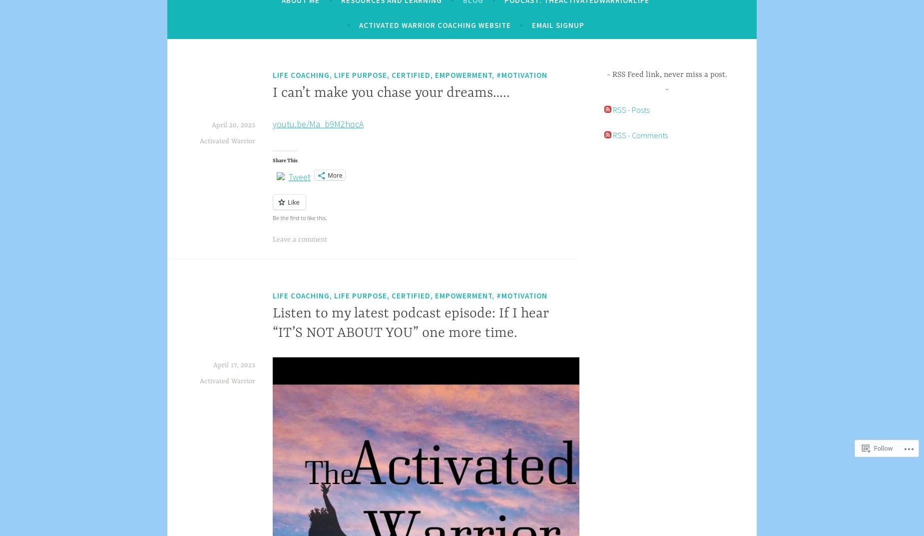  Describe the element at coordinates (234, 364) in the screenshot. I see `'April 17, 2023'` at that location.